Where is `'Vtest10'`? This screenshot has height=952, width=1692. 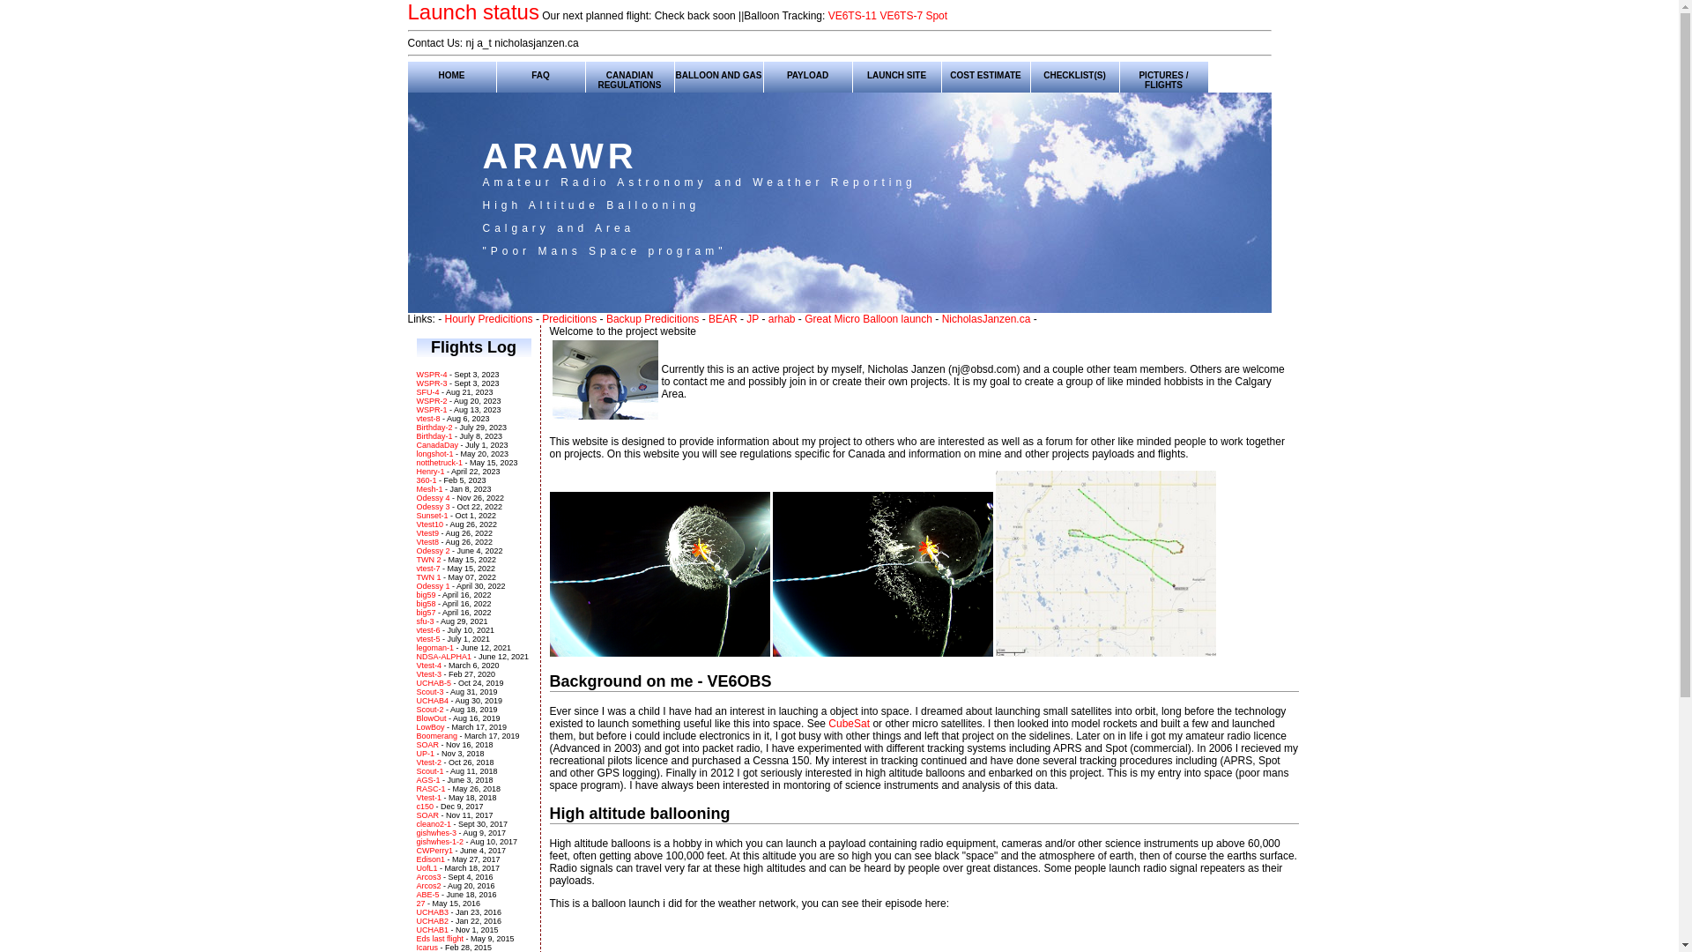
'Vtest10' is located at coordinates (429, 523).